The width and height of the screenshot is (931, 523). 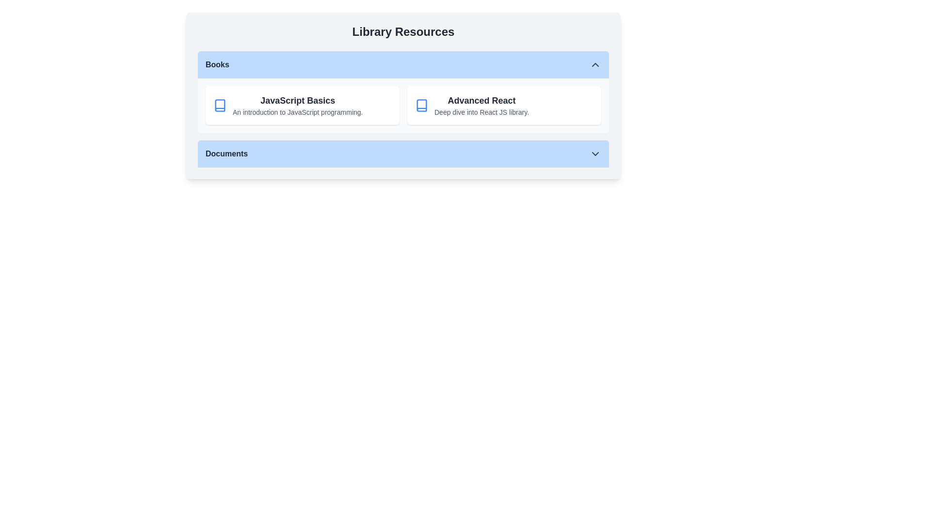 What do you see at coordinates (297, 106) in the screenshot?
I see `the text block that presents the title and subtitle of a resource, specifically the first card under the 'Books' section in the 'Library Resources' interface` at bounding box center [297, 106].